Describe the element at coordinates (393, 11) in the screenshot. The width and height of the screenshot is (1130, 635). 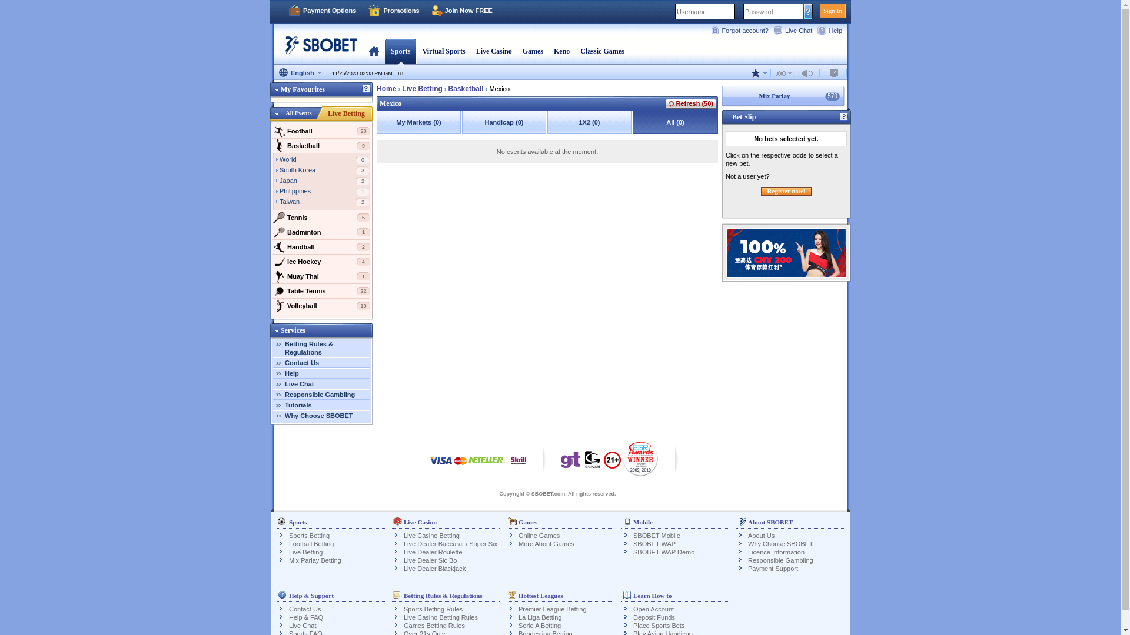
I see `'Promotions'` at that location.